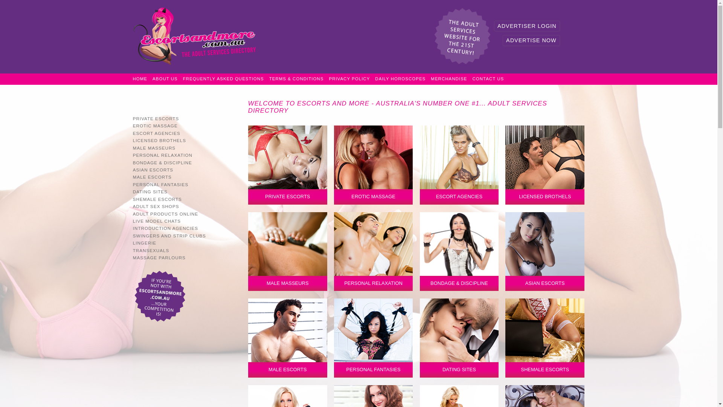 This screenshot has height=407, width=723. I want to click on 'ADVERTISER LOGIN', so click(526, 26).